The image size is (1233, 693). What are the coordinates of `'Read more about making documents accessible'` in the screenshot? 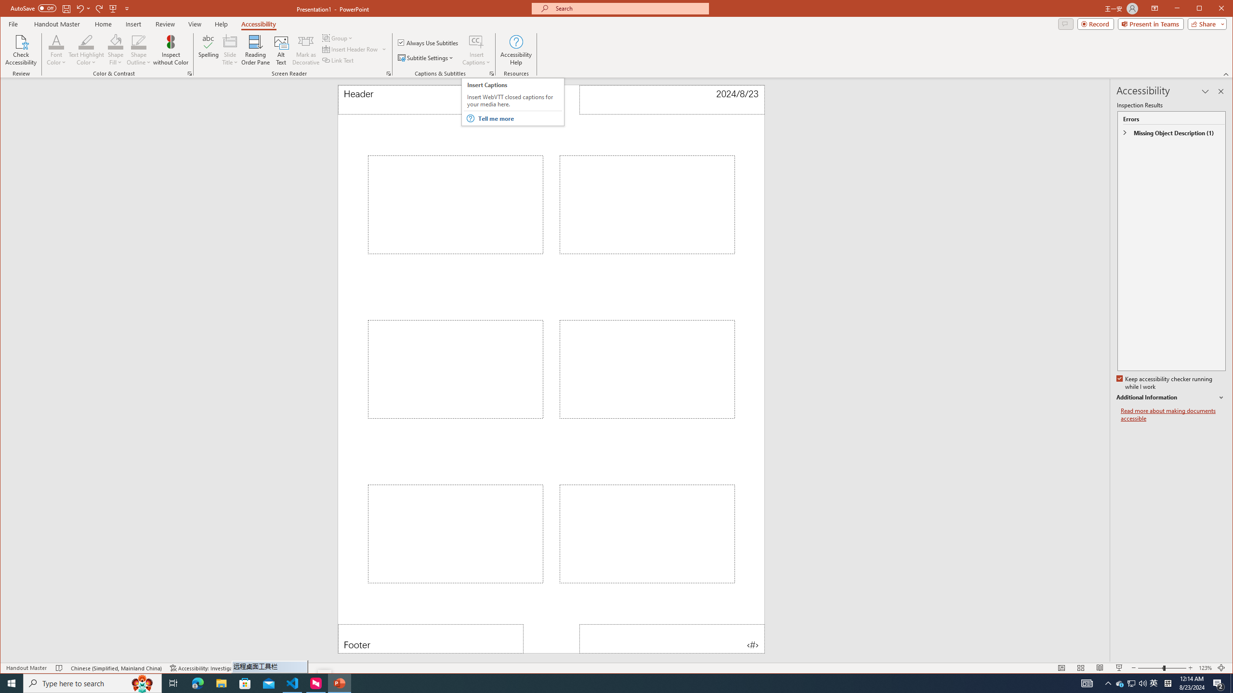 It's located at (1172, 414).